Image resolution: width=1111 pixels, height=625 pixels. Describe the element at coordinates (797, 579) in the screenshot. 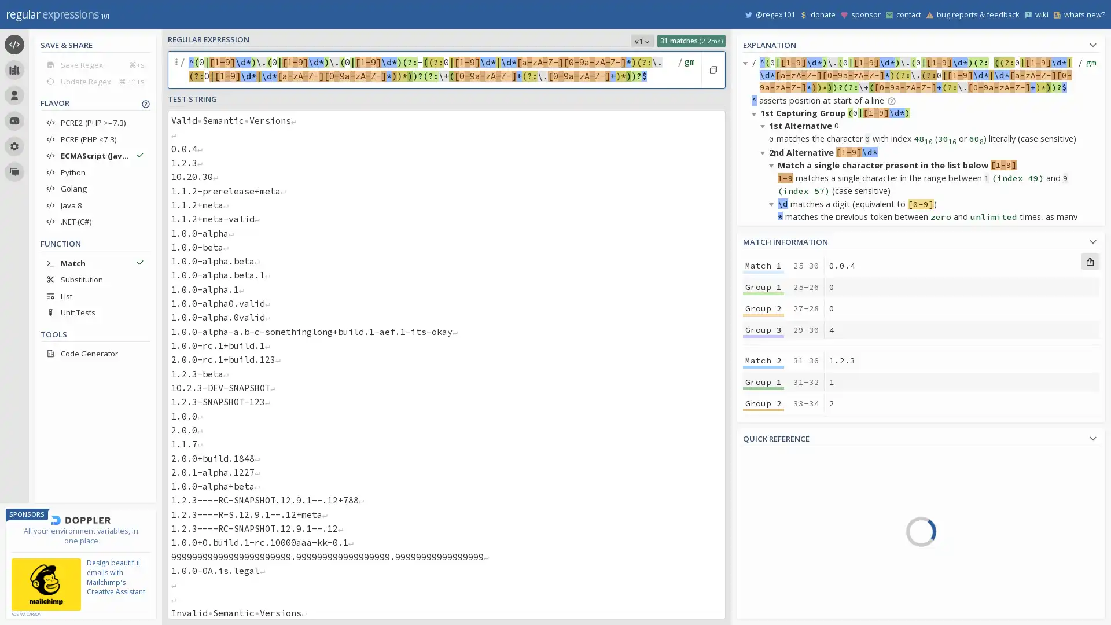

I see `Group Constructs` at that location.